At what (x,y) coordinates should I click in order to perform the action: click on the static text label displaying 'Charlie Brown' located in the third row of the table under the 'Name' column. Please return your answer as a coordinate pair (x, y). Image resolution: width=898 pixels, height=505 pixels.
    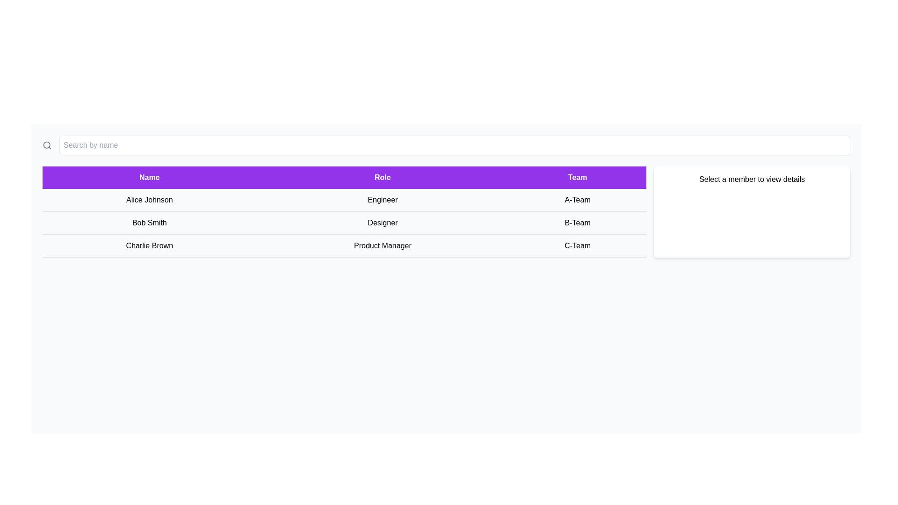
    Looking at the image, I should click on (149, 245).